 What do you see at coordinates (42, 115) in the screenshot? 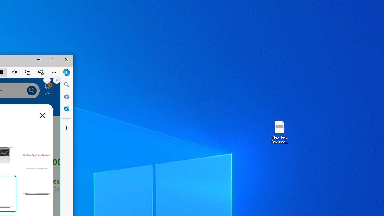
I see `'Close dialog'` at bounding box center [42, 115].